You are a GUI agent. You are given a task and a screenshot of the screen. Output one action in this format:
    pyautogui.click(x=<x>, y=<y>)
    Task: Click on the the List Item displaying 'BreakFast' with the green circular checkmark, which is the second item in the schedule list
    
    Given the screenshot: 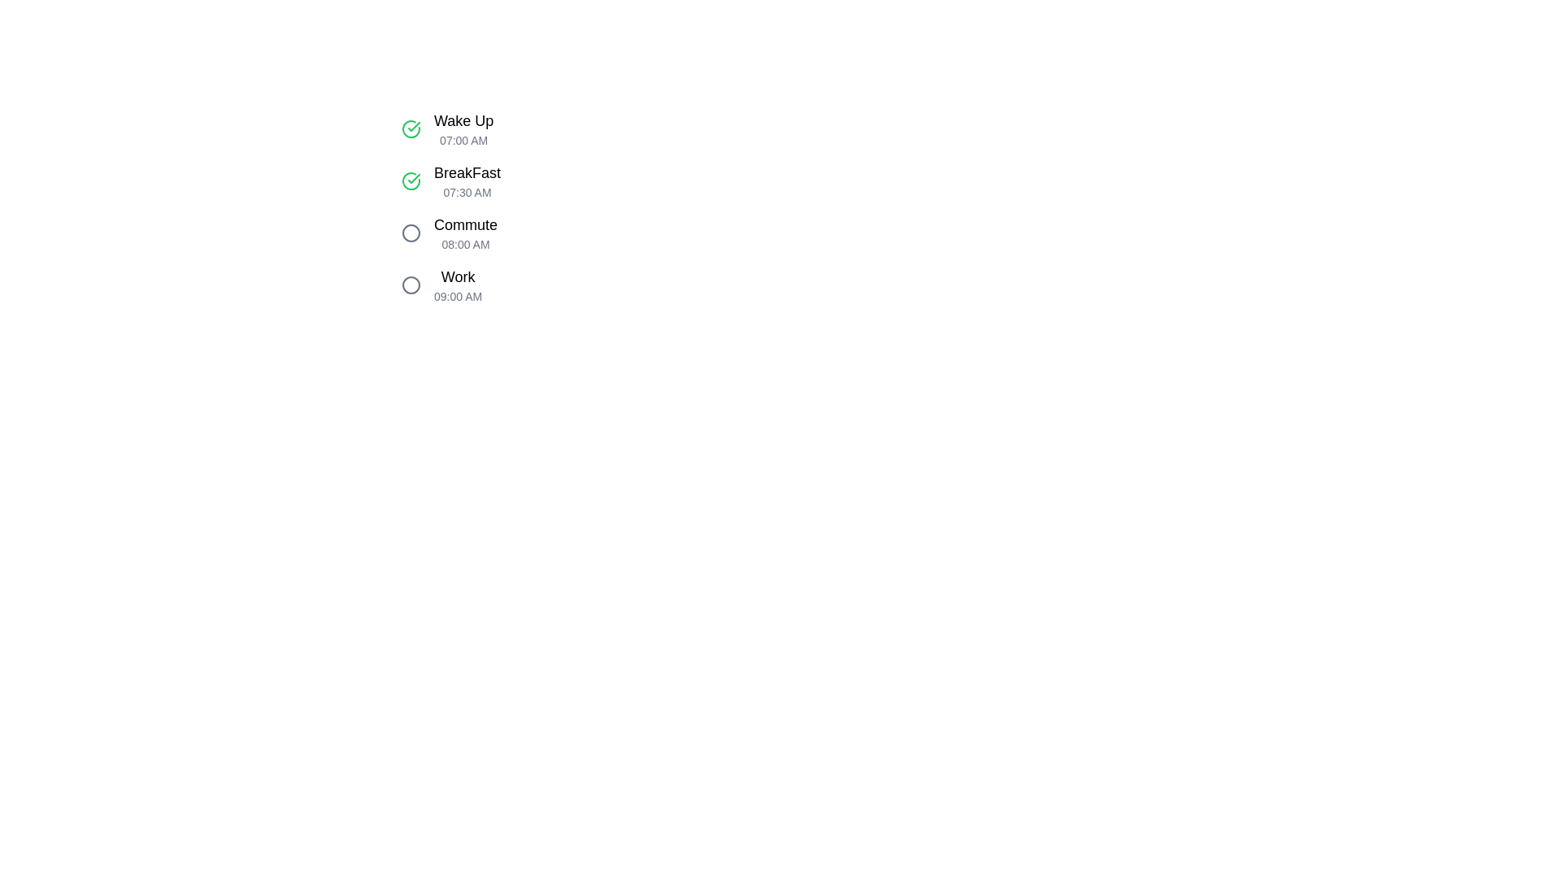 What is the action you would take?
    pyautogui.click(x=558, y=181)
    